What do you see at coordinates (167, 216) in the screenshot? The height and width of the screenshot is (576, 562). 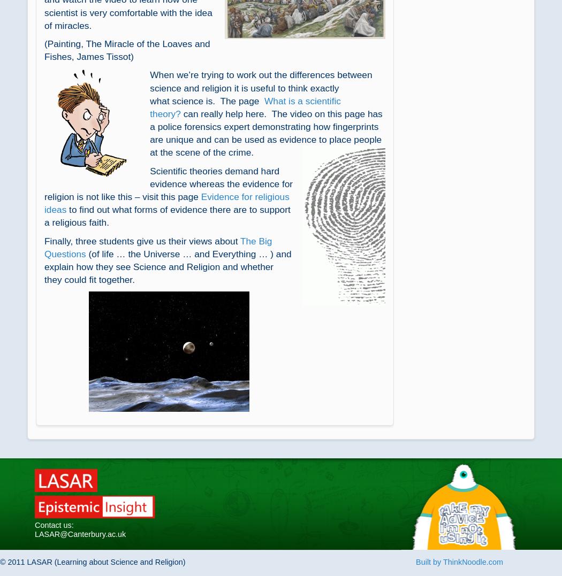 I see `'to find out what forms of evidence there are to support a religious faith.'` at bounding box center [167, 216].